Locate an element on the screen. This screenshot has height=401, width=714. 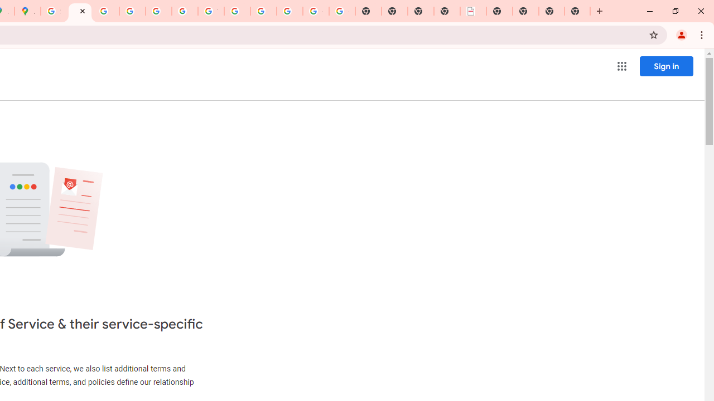
'New Tab' is located at coordinates (577, 11).